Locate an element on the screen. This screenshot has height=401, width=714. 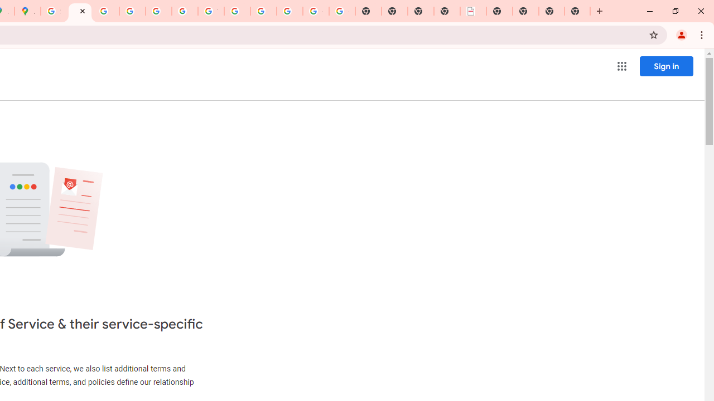
'New Tab' is located at coordinates (577, 11).